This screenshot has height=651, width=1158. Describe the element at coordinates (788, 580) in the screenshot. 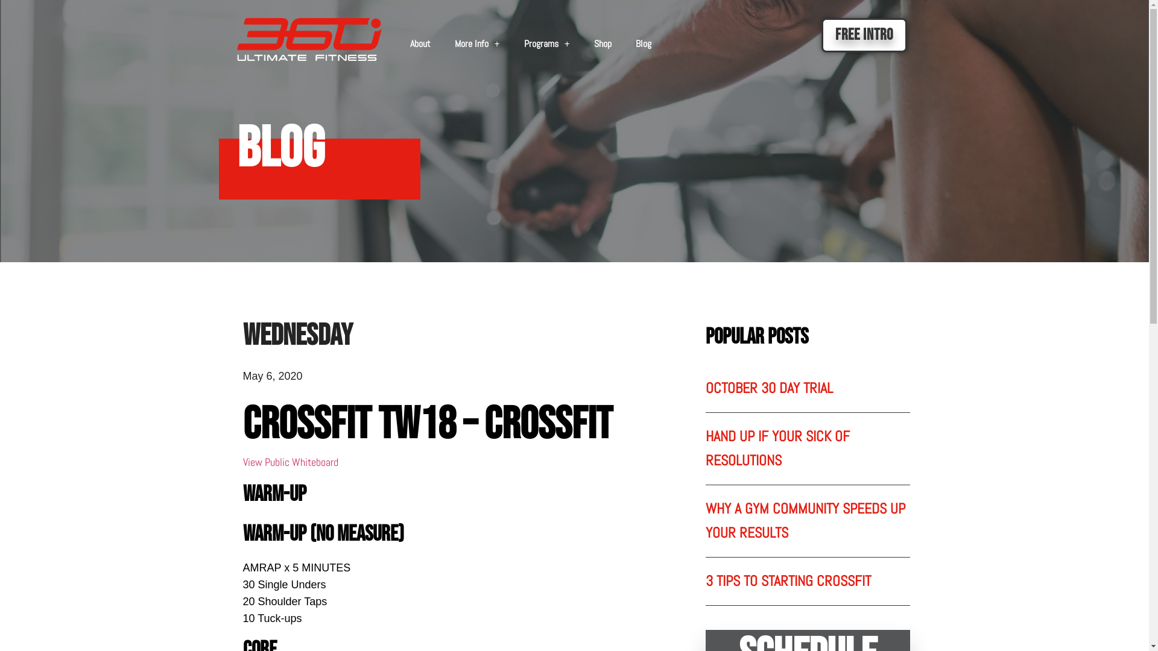

I see `'3 TIPS TO STARTING CROSSFIT'` at that location.